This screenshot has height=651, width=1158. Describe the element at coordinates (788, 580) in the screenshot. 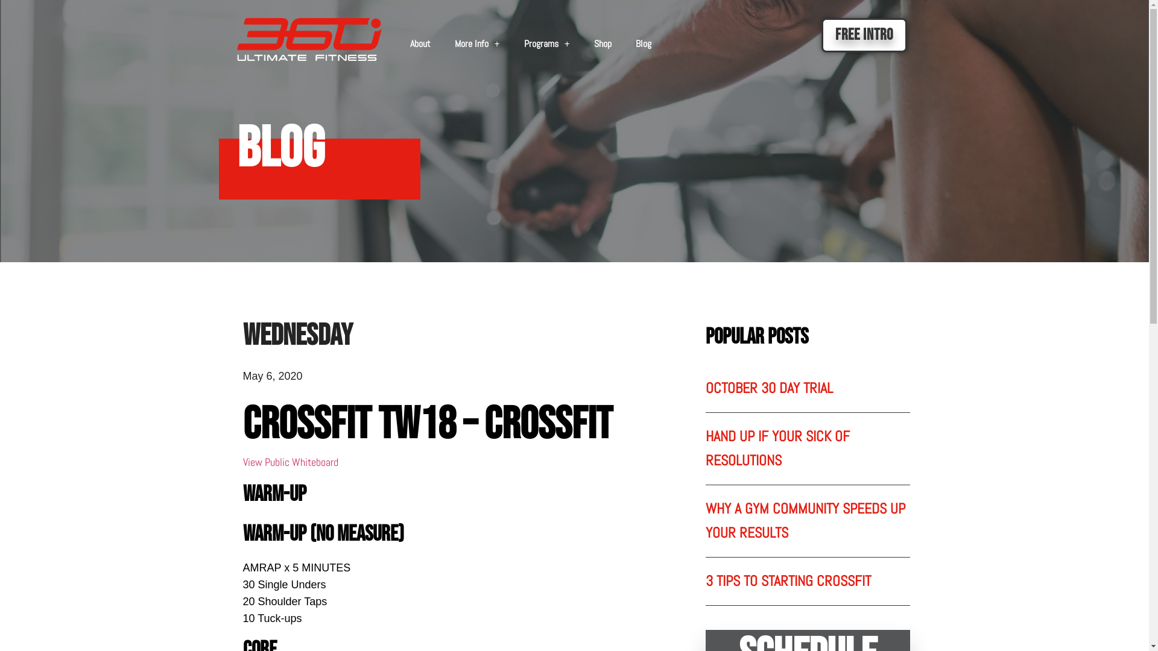

I see `'3 TIPS TO STARTING CROSSFIT'` at that location.